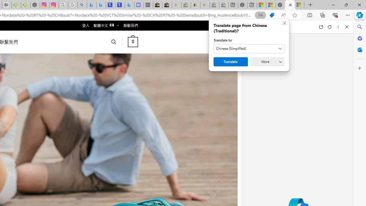  I want to click on 'Translate to', so click(249, 48).